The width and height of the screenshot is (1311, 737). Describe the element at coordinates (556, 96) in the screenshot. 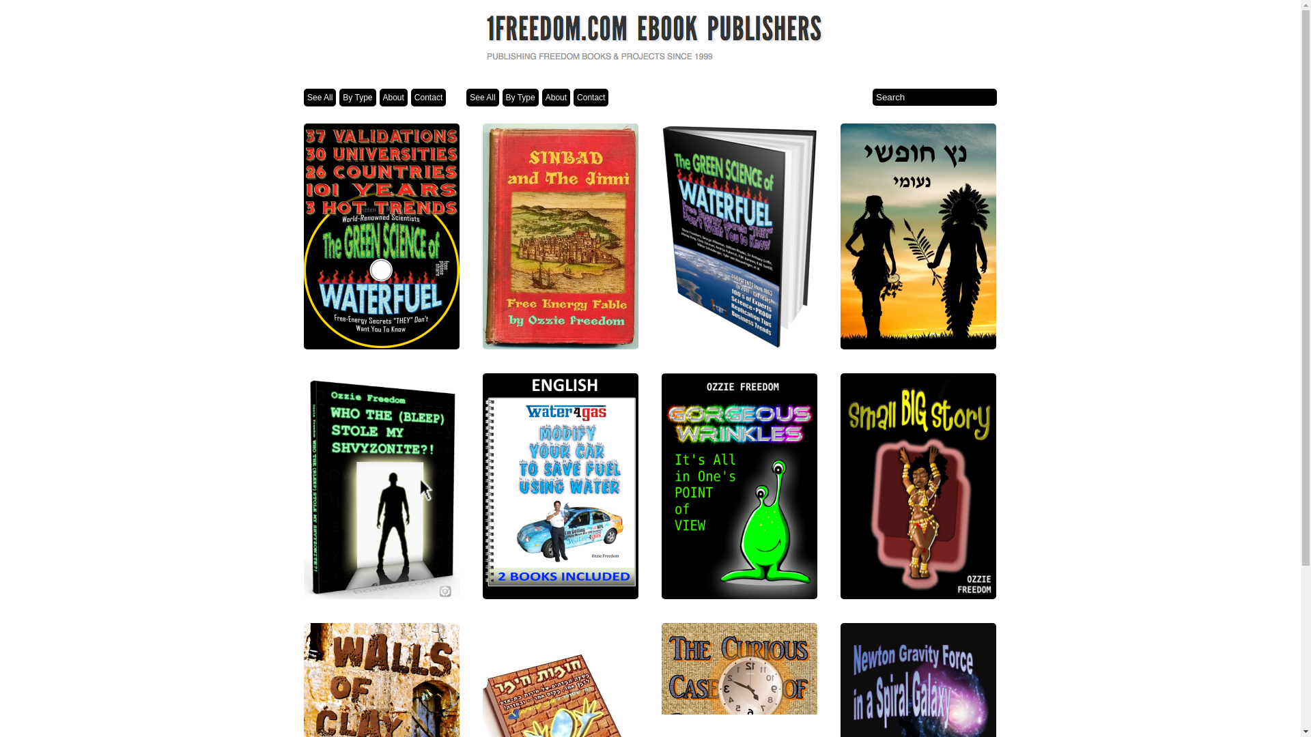

I see `'About'` at that location.